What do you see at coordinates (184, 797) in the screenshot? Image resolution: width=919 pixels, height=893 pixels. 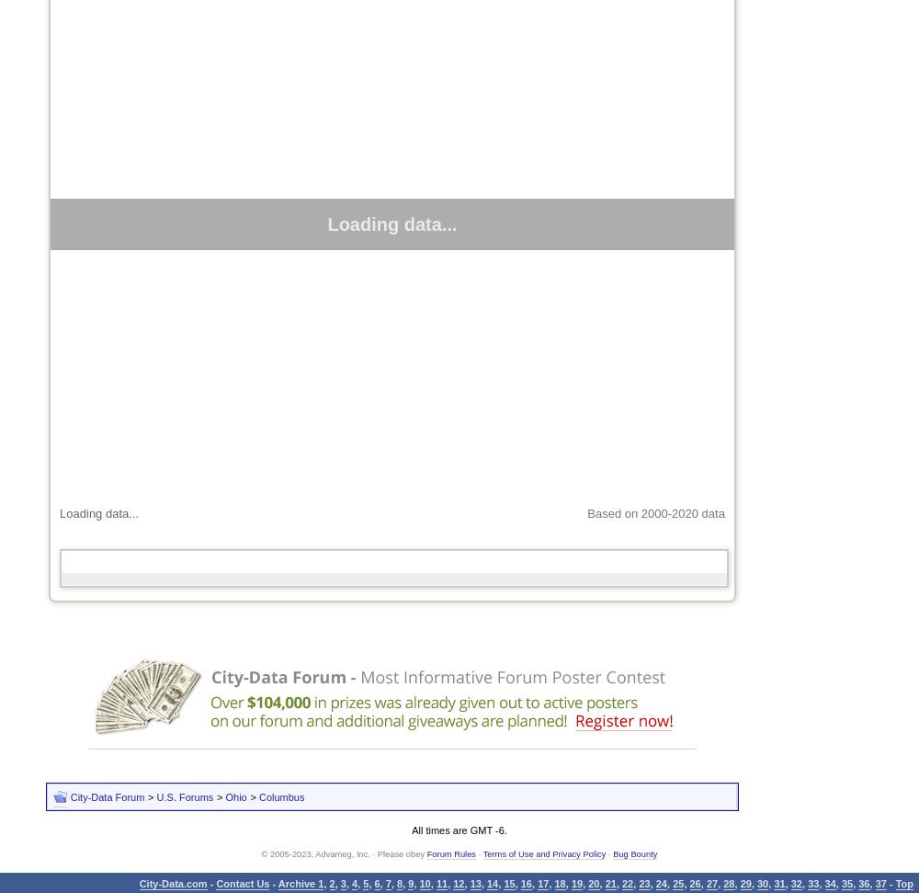 I see `'U.S. Forums'` at bounding box center [184, 797].